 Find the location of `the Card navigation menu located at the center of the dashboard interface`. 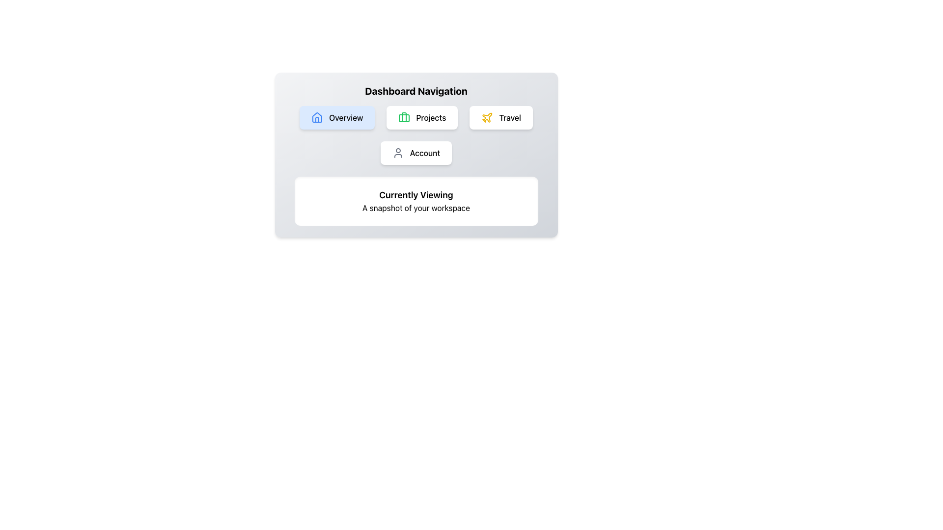

the Card navigation menu located at the center of the dashboard interface is located at coordinates (416, 155).